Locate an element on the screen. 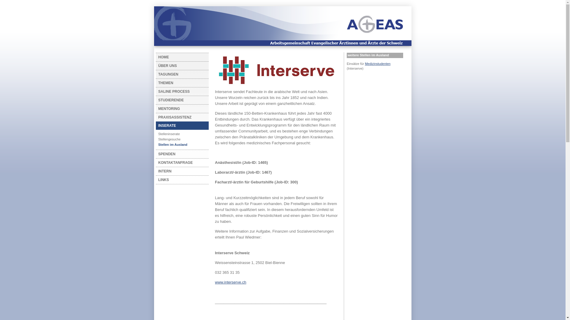 The image size is (570, 320). 'TAGUNGEN' is located at coordinates (156, 74).